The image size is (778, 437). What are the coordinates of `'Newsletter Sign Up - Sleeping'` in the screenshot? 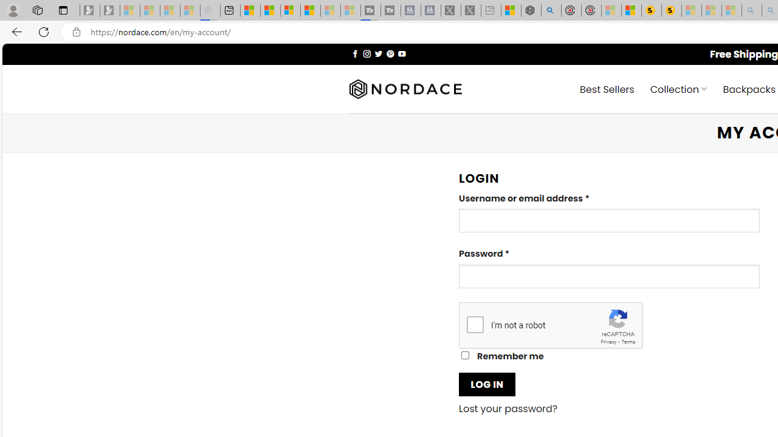 It's located at (110, 10).